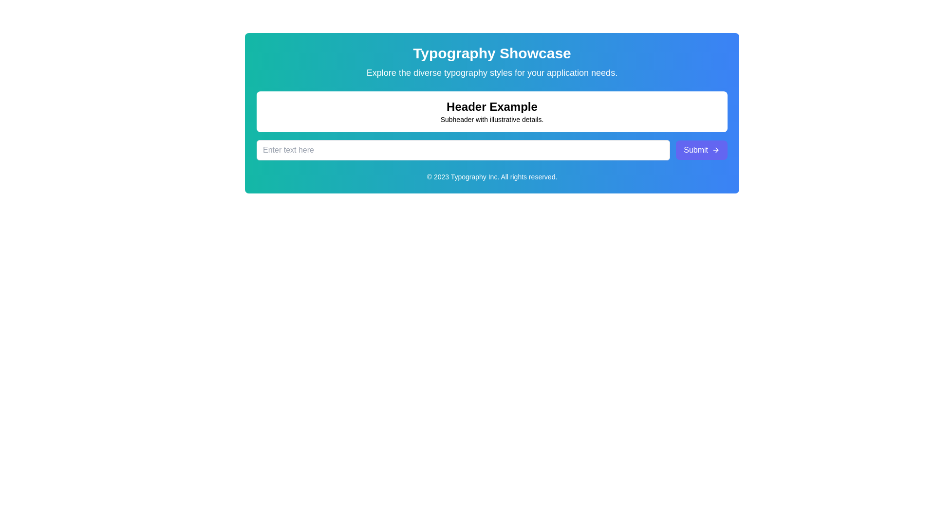 The height and width of the screenshot is (525, 935). I want to click on the 'Submit' text label, which is styled with a white font color on a blue background and located in the bottom right corner of the form area, to the left of an arrow-shaped icon, so click(695, 150).